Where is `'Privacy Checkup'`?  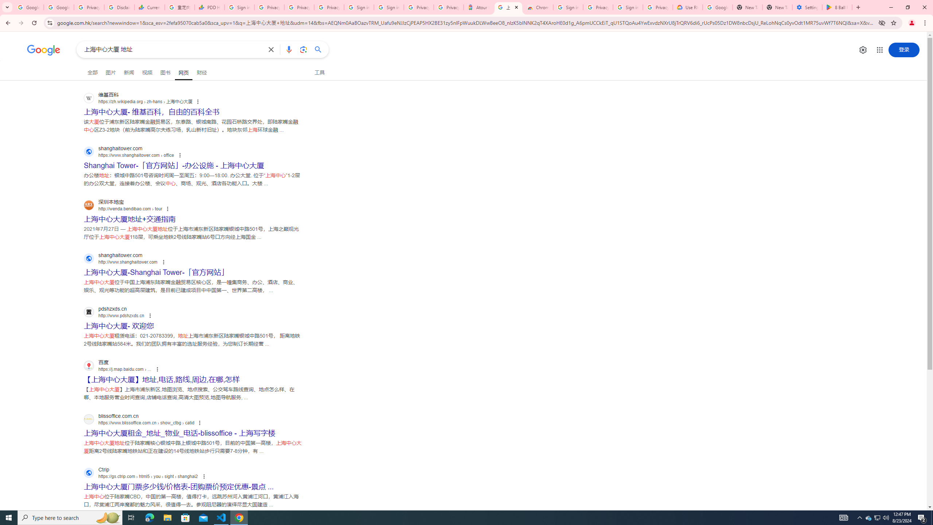 'Privacy Checkup' is located at coordinates (298, 7).